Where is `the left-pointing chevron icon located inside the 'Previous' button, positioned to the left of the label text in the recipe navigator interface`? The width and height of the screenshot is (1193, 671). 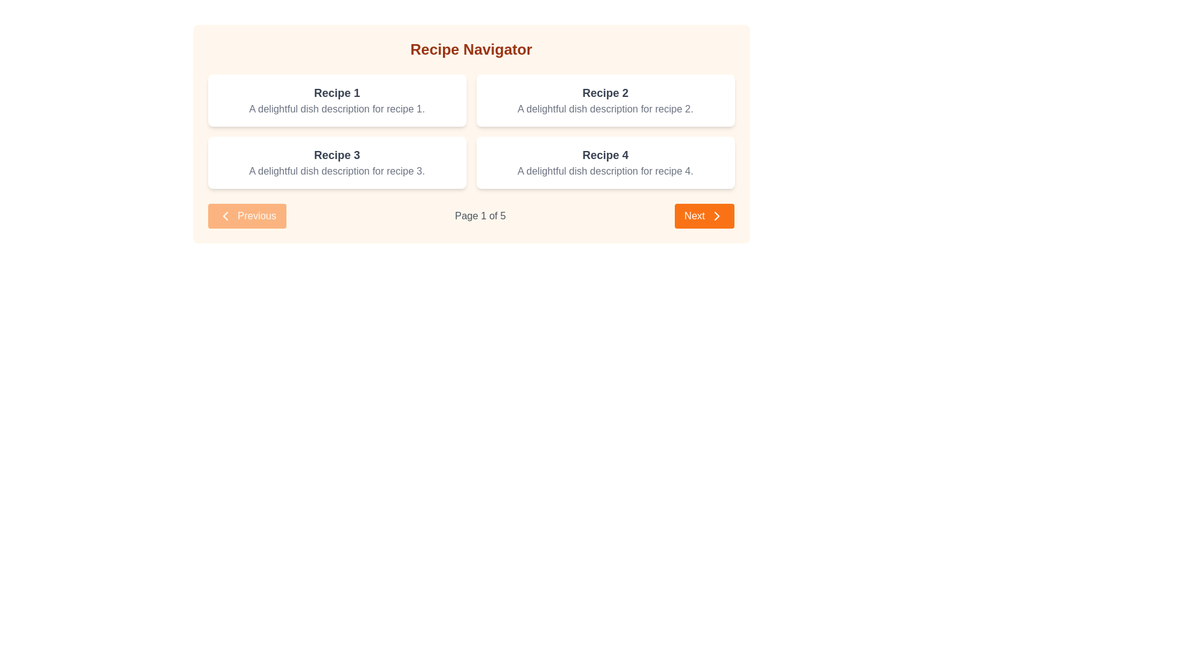
the left-pointing chevron icon located inside the 'Previous' button, positioned to the left of the label text in the recipe navigator interface is located at coordinates (225, 215).